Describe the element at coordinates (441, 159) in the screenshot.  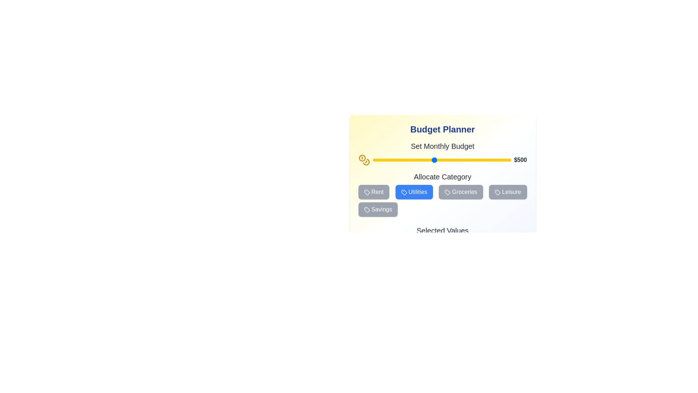
I see `the blue circular handle of the range slider with a yellow background` at that location.